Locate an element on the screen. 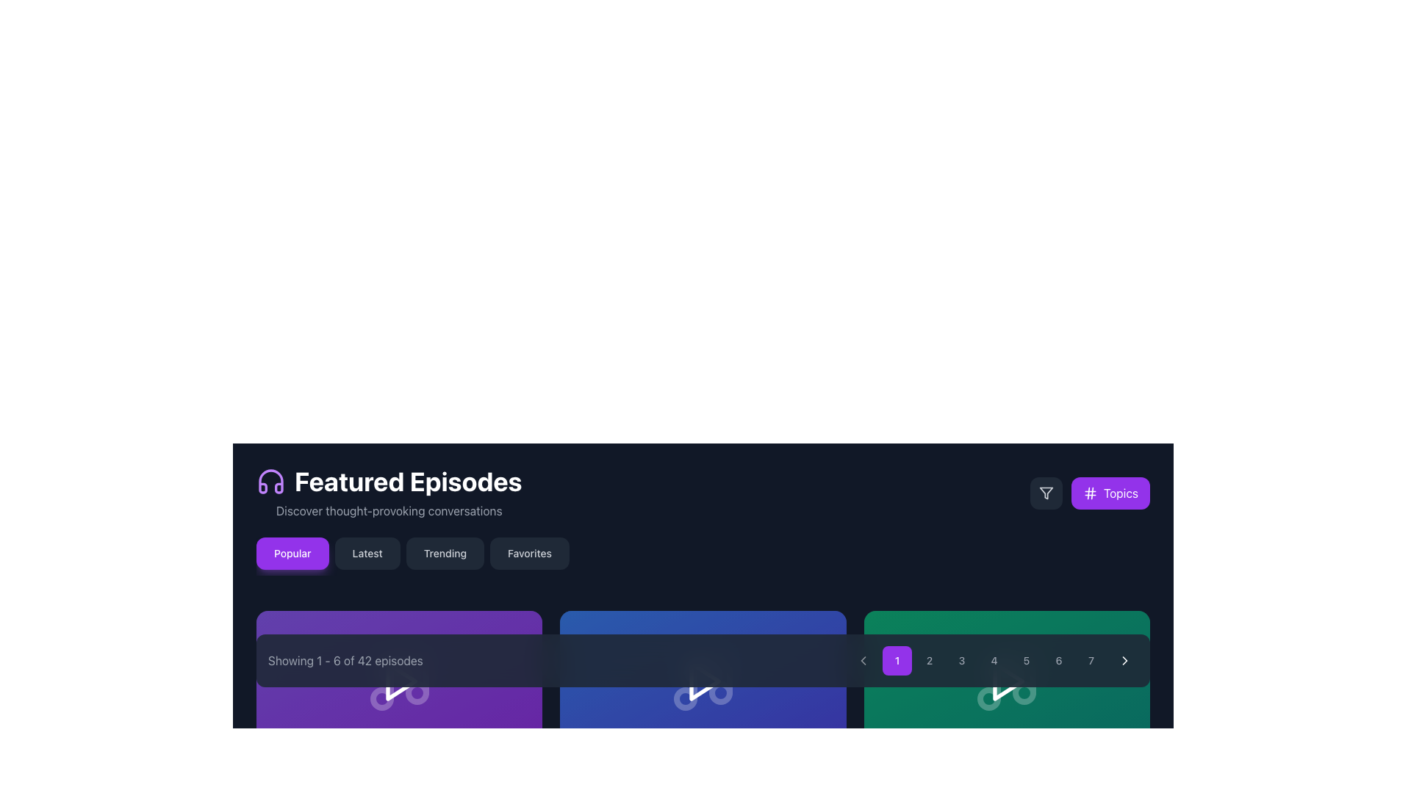  the seventh button in the pagination control to trigger the hover effect is located at coordinates (1091, 659).